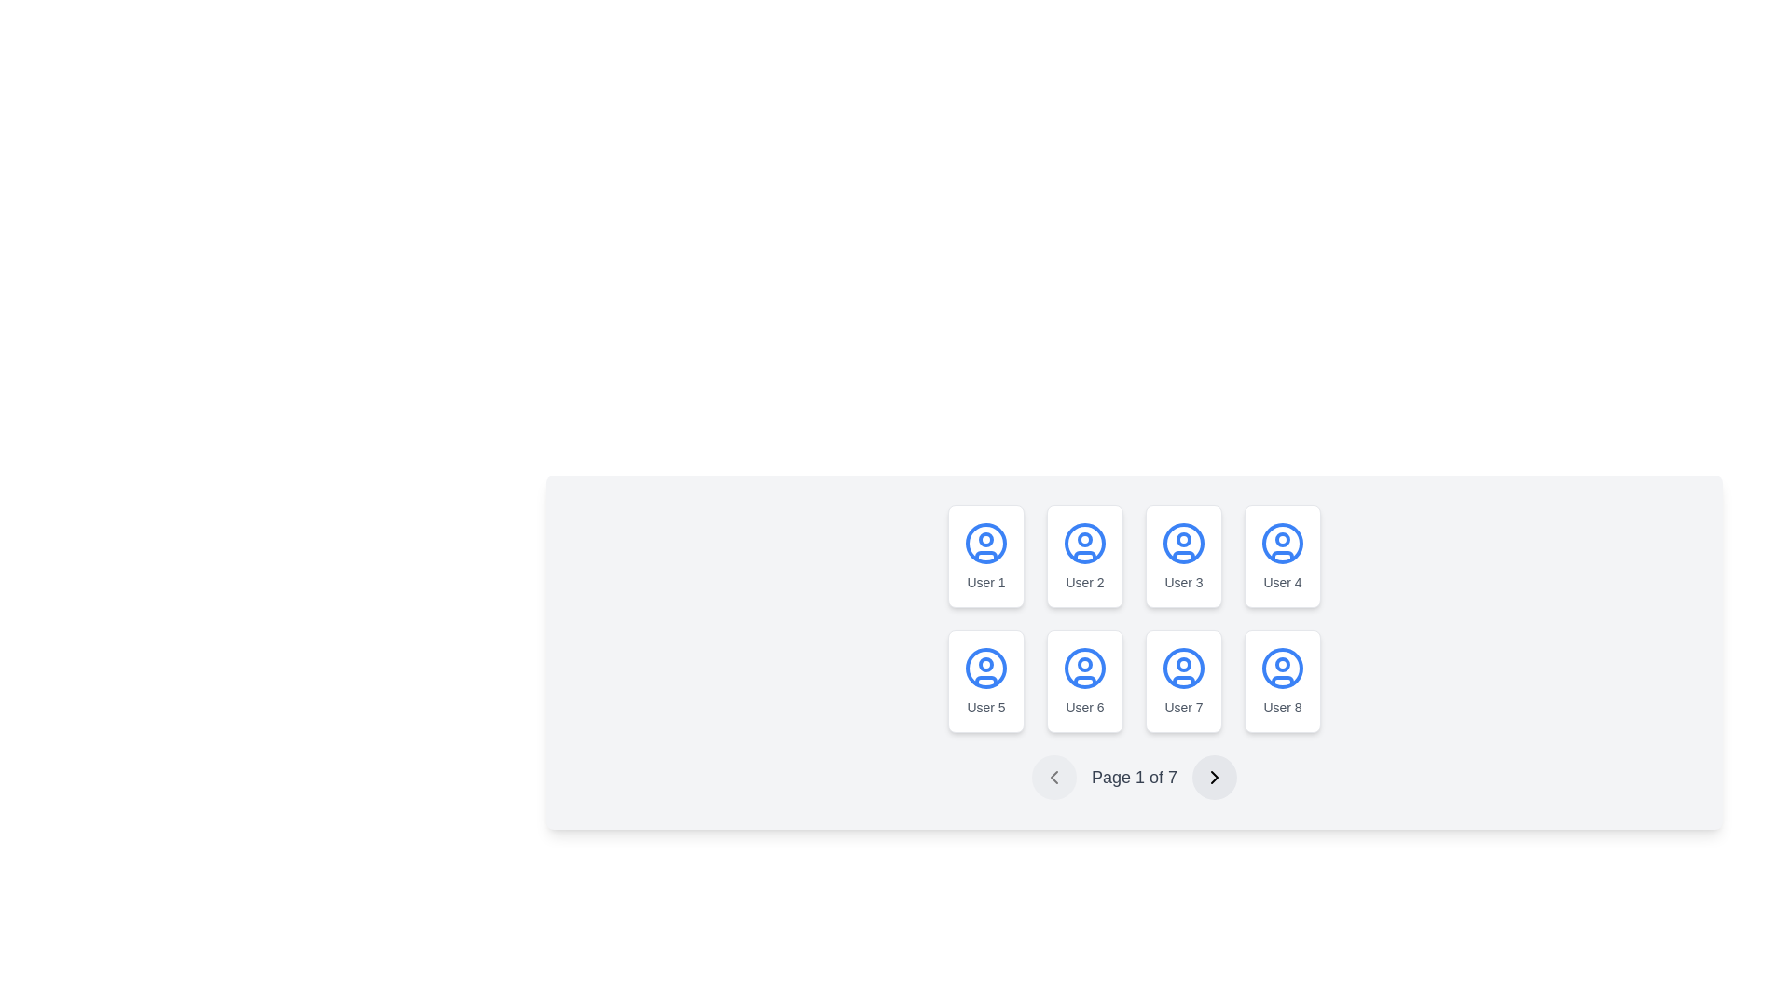  Describe the element at coordinates (1084, 668) in the screenshot. I see `the Avatar Icon, which is a circular user profile icon with a hollow blue outline, located on the card labeled 'User 6' in the second row, second column of the grid` at that location.